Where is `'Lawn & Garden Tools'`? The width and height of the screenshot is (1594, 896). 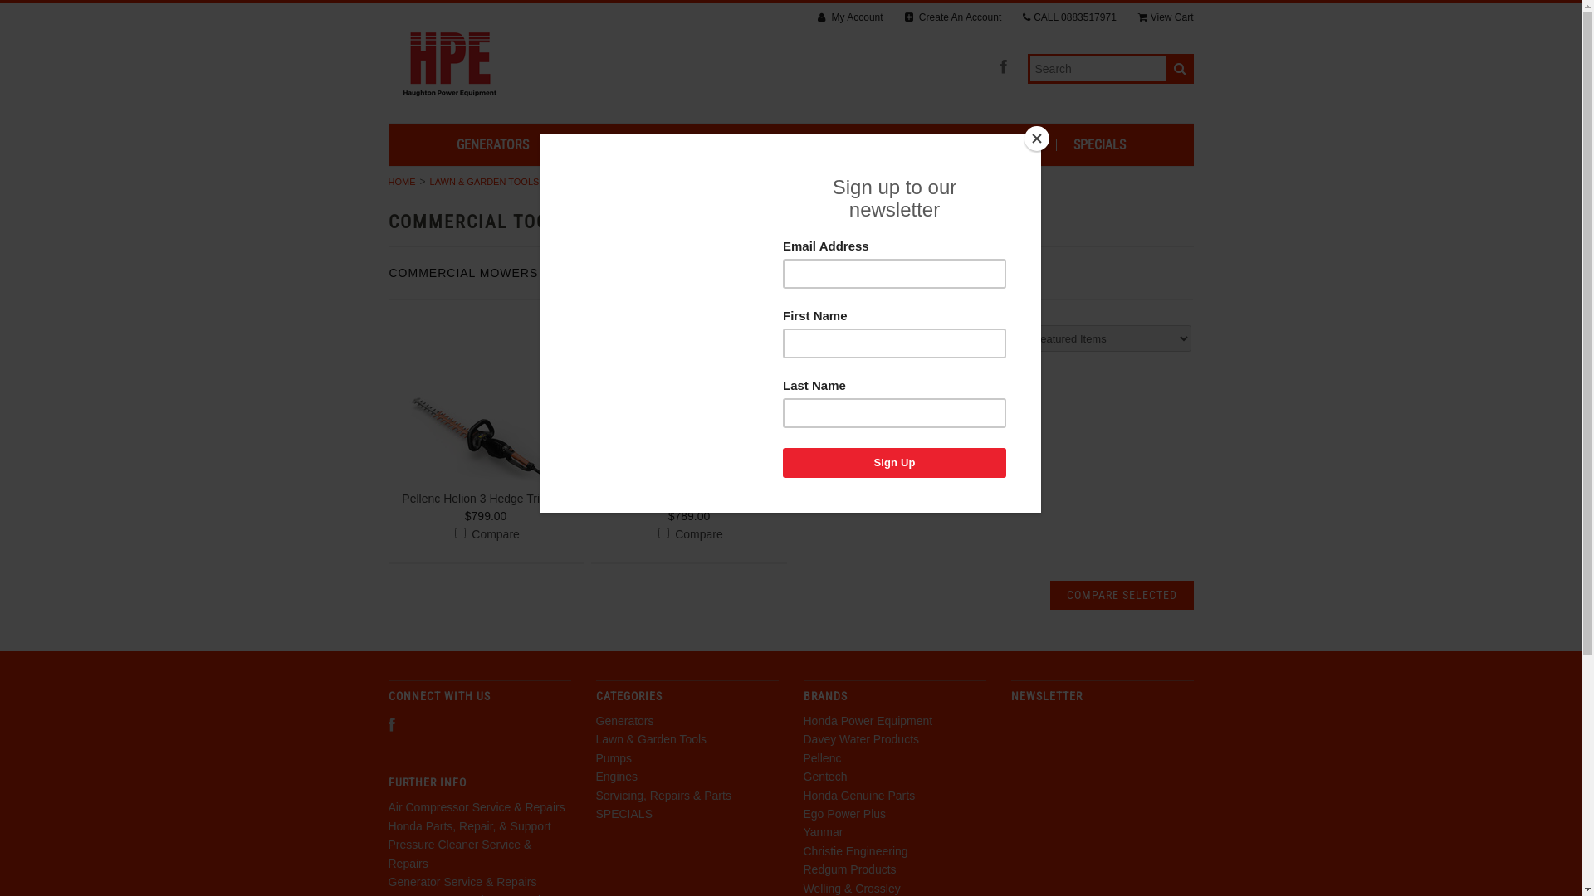 'Lawn & Garden Tools' is located at coordinates (651, 738).